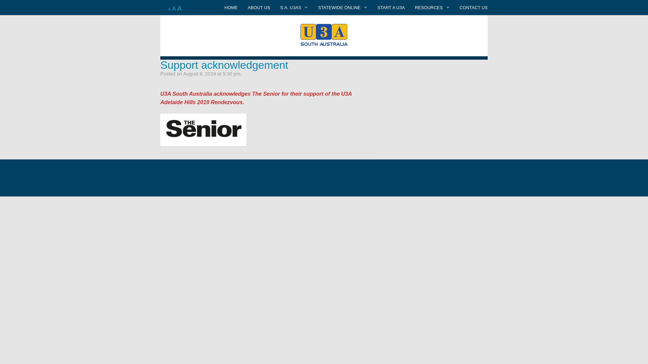 The width and height of the screenshot is (648, 364). Describe the element at coordinates (169, 9) in the screenshot. I see `'A'` at that location.